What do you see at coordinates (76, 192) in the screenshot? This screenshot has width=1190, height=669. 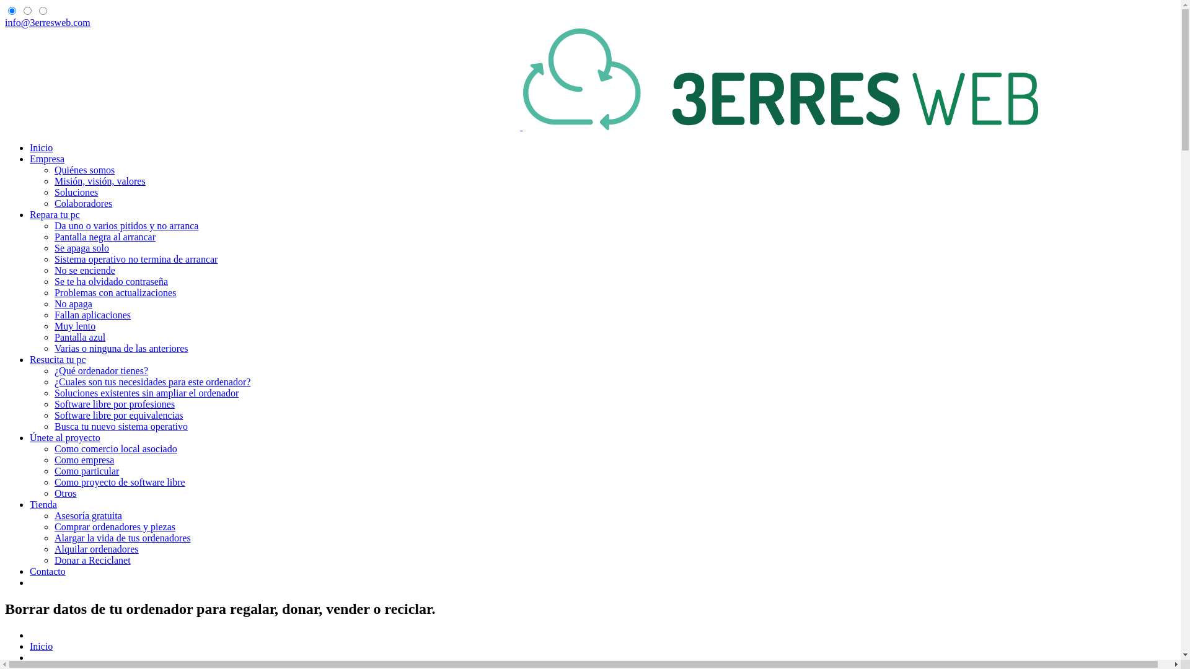 I see `'Soluciones'` at bounding box center [76, 192].